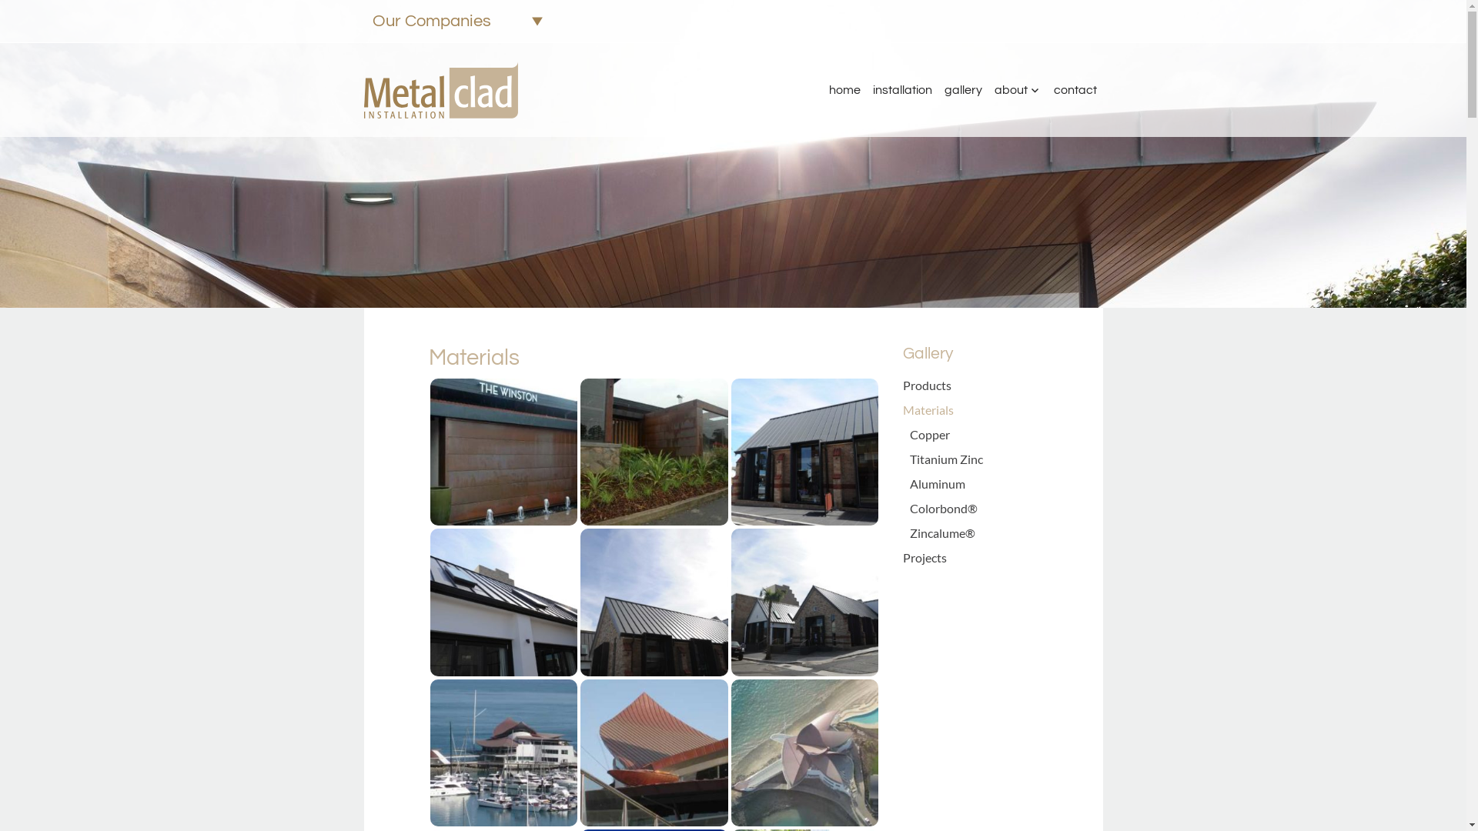 The height and width of the screenshot is (831, 1478). What do you see at coordinates (926, 384) in the screenshot?
I see `'Products'` at bounding box center [926, 384].